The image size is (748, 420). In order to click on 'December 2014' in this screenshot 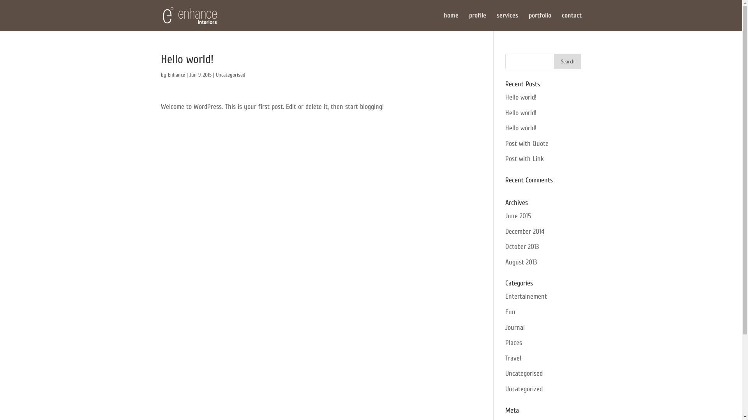, I will do `click(525, 231)`.